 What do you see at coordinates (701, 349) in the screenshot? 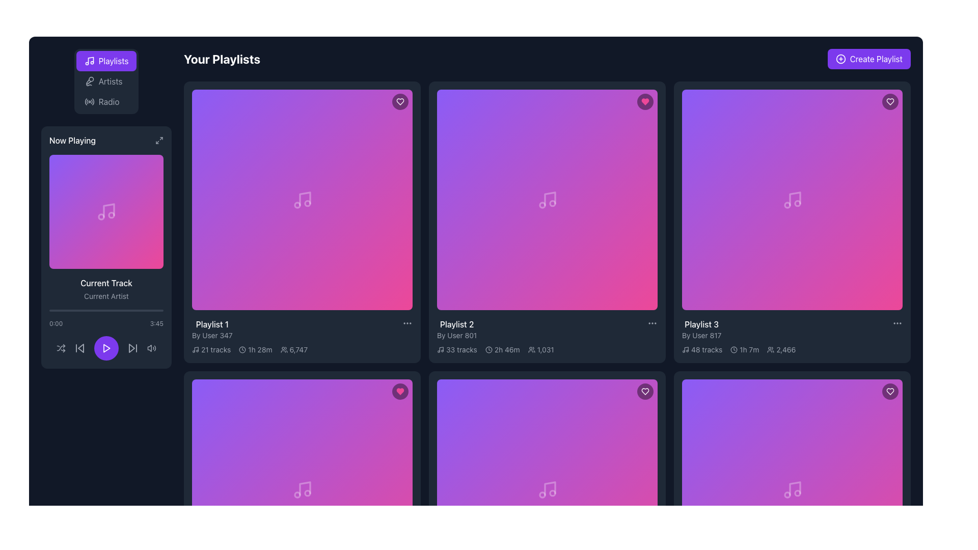
I see `the informational label with an icon located in the bottom-left section of the 'Playlist 3' card that describes the number of tracks in the playlist` at bounding box center [701, 349].